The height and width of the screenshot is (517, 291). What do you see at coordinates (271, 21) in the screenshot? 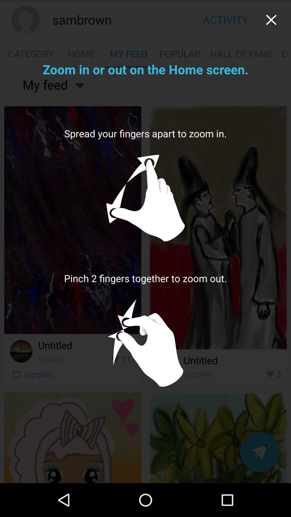
I see `the close icon` at bounding box center [271, 21].